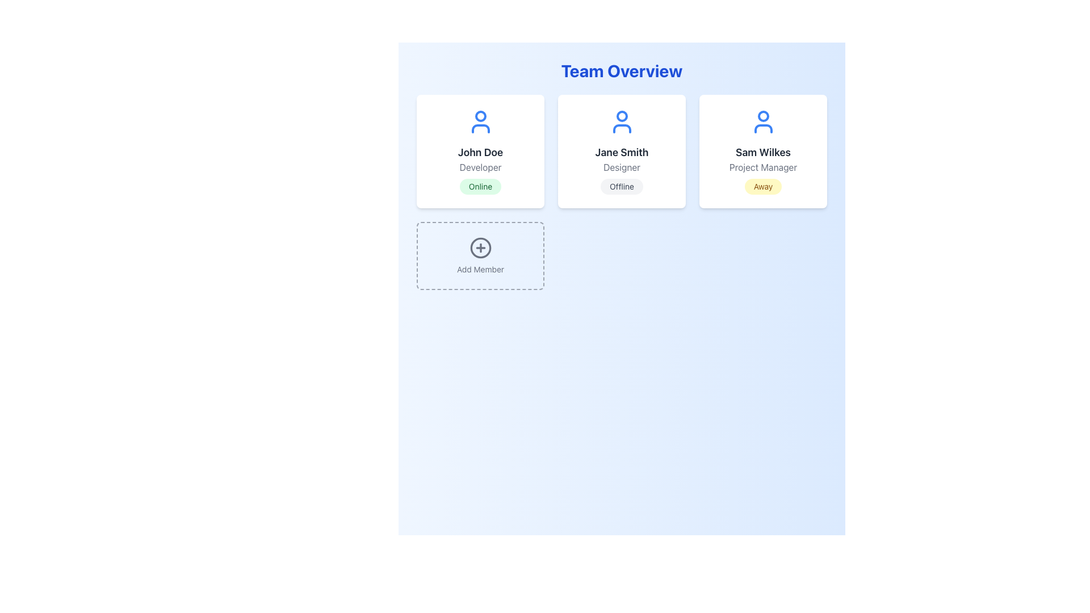 Image resolution: width=1090 pixels, height=613 pixels. What do you see at coordinates (480, 116) in the screenshot?
I see `the circular decorative icon representing John Doe's user status within the Team Overview section` at bounding box center [480, 116].